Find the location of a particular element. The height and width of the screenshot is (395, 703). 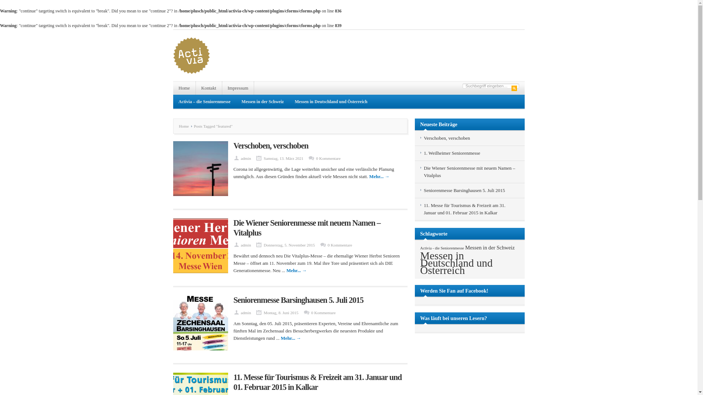

'Activia - die Seniorenmesse' is located at coordinates (442, 248).